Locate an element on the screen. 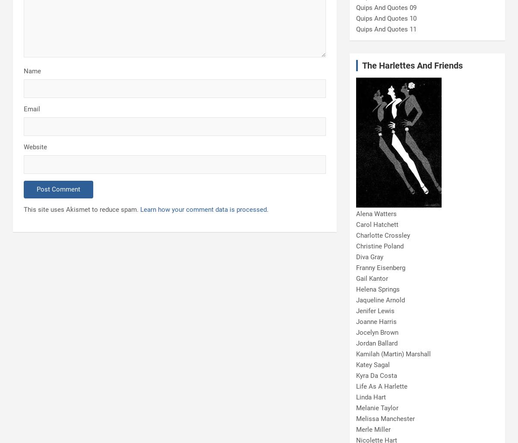 This screenshot has height=443, width=518. 'Melissa Manchester' is located at coordinates (385, 418).